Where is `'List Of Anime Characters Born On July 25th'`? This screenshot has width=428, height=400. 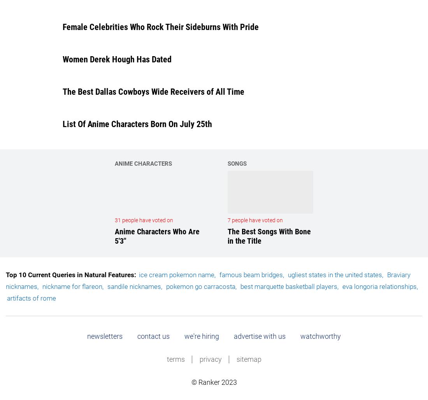 'List Of Anime Characters Born On July 25th' is located at coordinates (137, 124).